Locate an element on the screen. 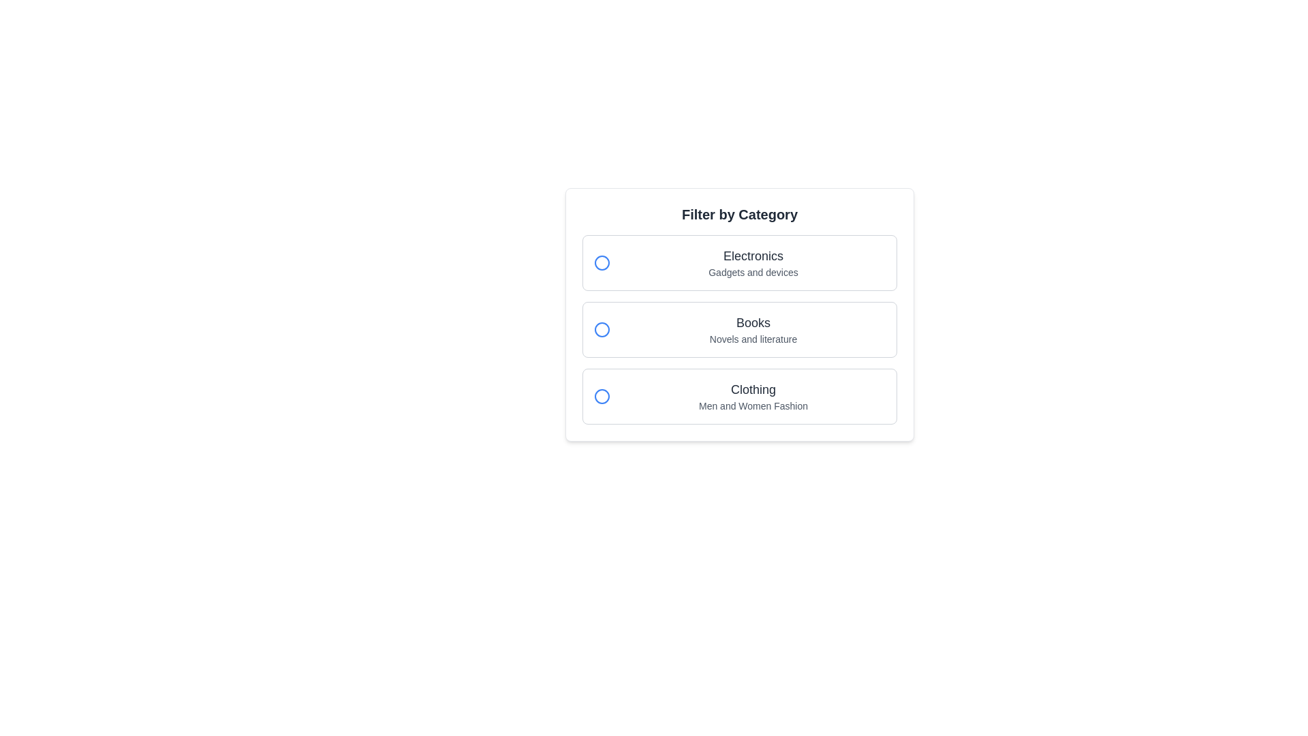 The image size is (1308, 736). the static text label displaying 'Books' in a large and bold font, which is dark-gray and stands out as the title within its selection option is located at coordinates (752, 323).